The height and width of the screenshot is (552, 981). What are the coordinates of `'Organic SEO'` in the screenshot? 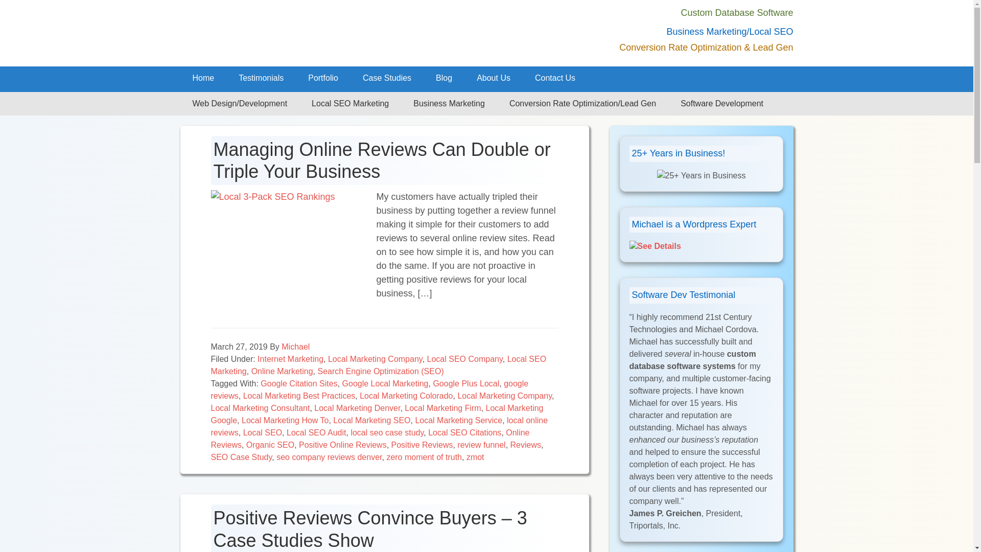 It's located at (270, 444).